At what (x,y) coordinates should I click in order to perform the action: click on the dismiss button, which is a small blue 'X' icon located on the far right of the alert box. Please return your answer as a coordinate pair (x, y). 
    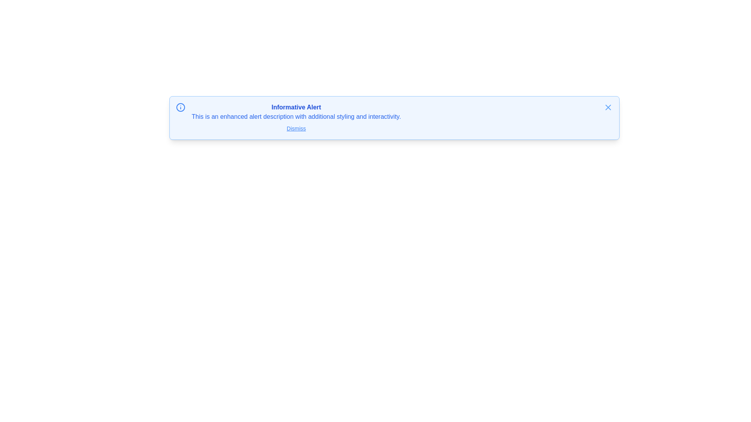
    Looking at the image, I should click on (608, 107).